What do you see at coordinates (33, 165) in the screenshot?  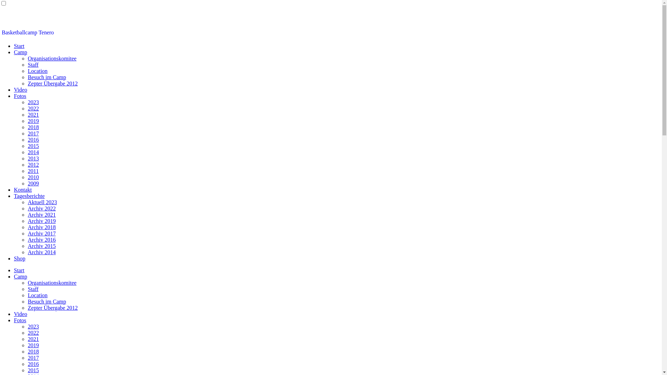 I see `'2012'` at bounding box center [33, 165].